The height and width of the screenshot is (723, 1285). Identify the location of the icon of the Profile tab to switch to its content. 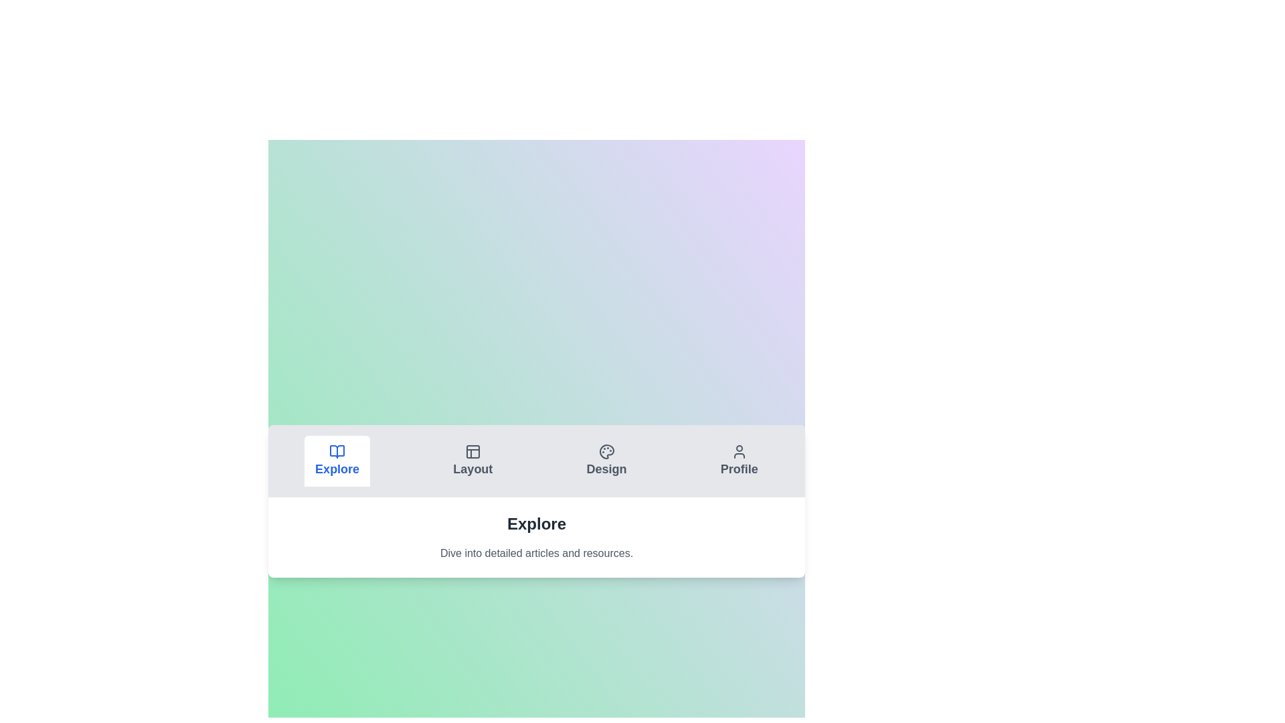
(738, 452).